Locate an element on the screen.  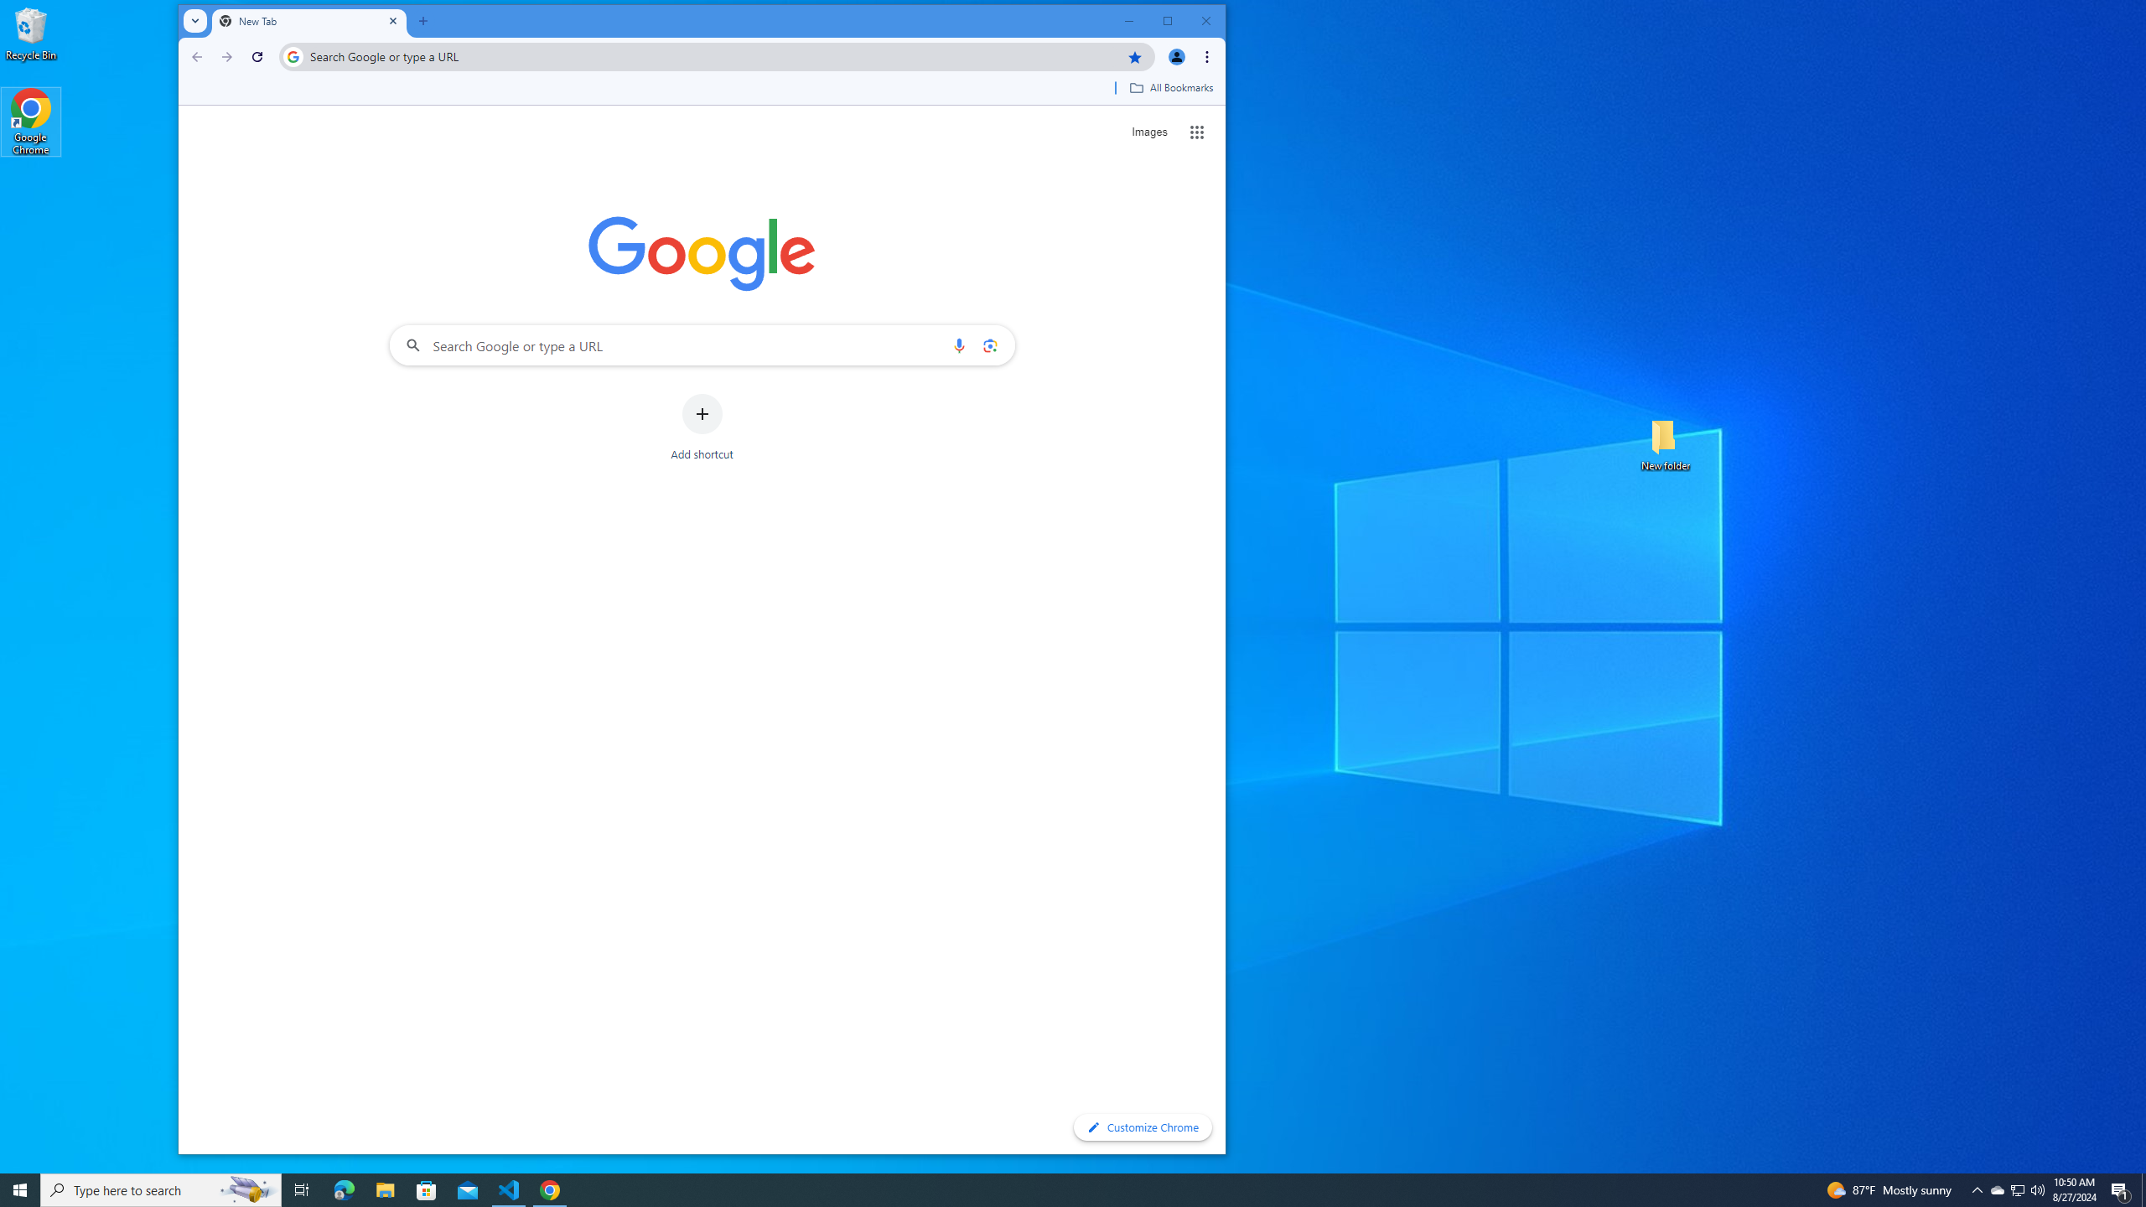
'New folder' is located at coordinates (1665, 443).